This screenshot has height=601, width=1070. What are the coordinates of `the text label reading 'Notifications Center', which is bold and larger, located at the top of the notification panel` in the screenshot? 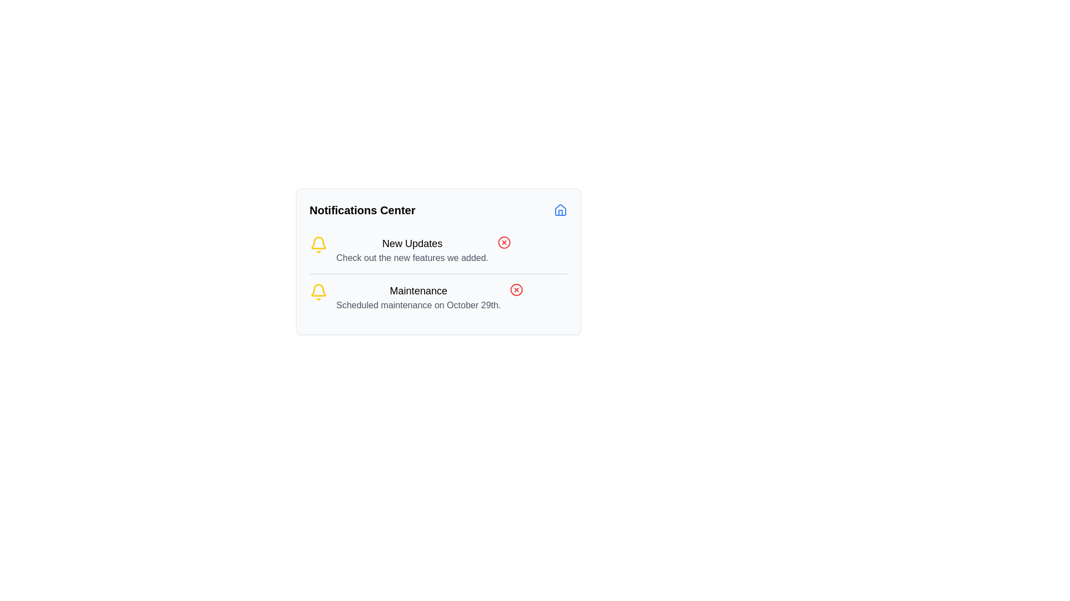 It's located at (362, 210).